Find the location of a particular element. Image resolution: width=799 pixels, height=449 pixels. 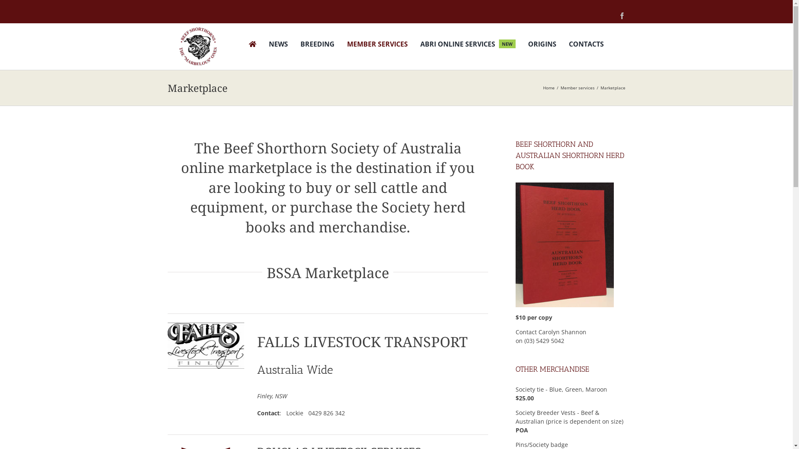

'NEWS' is located at coordinates (278, 45).